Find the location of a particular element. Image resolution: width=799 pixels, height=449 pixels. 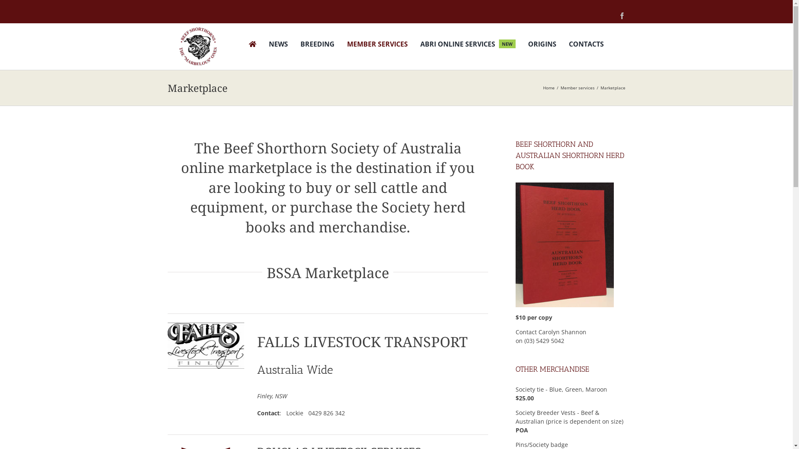

'NEWS' is located at coordinates (278, 45).